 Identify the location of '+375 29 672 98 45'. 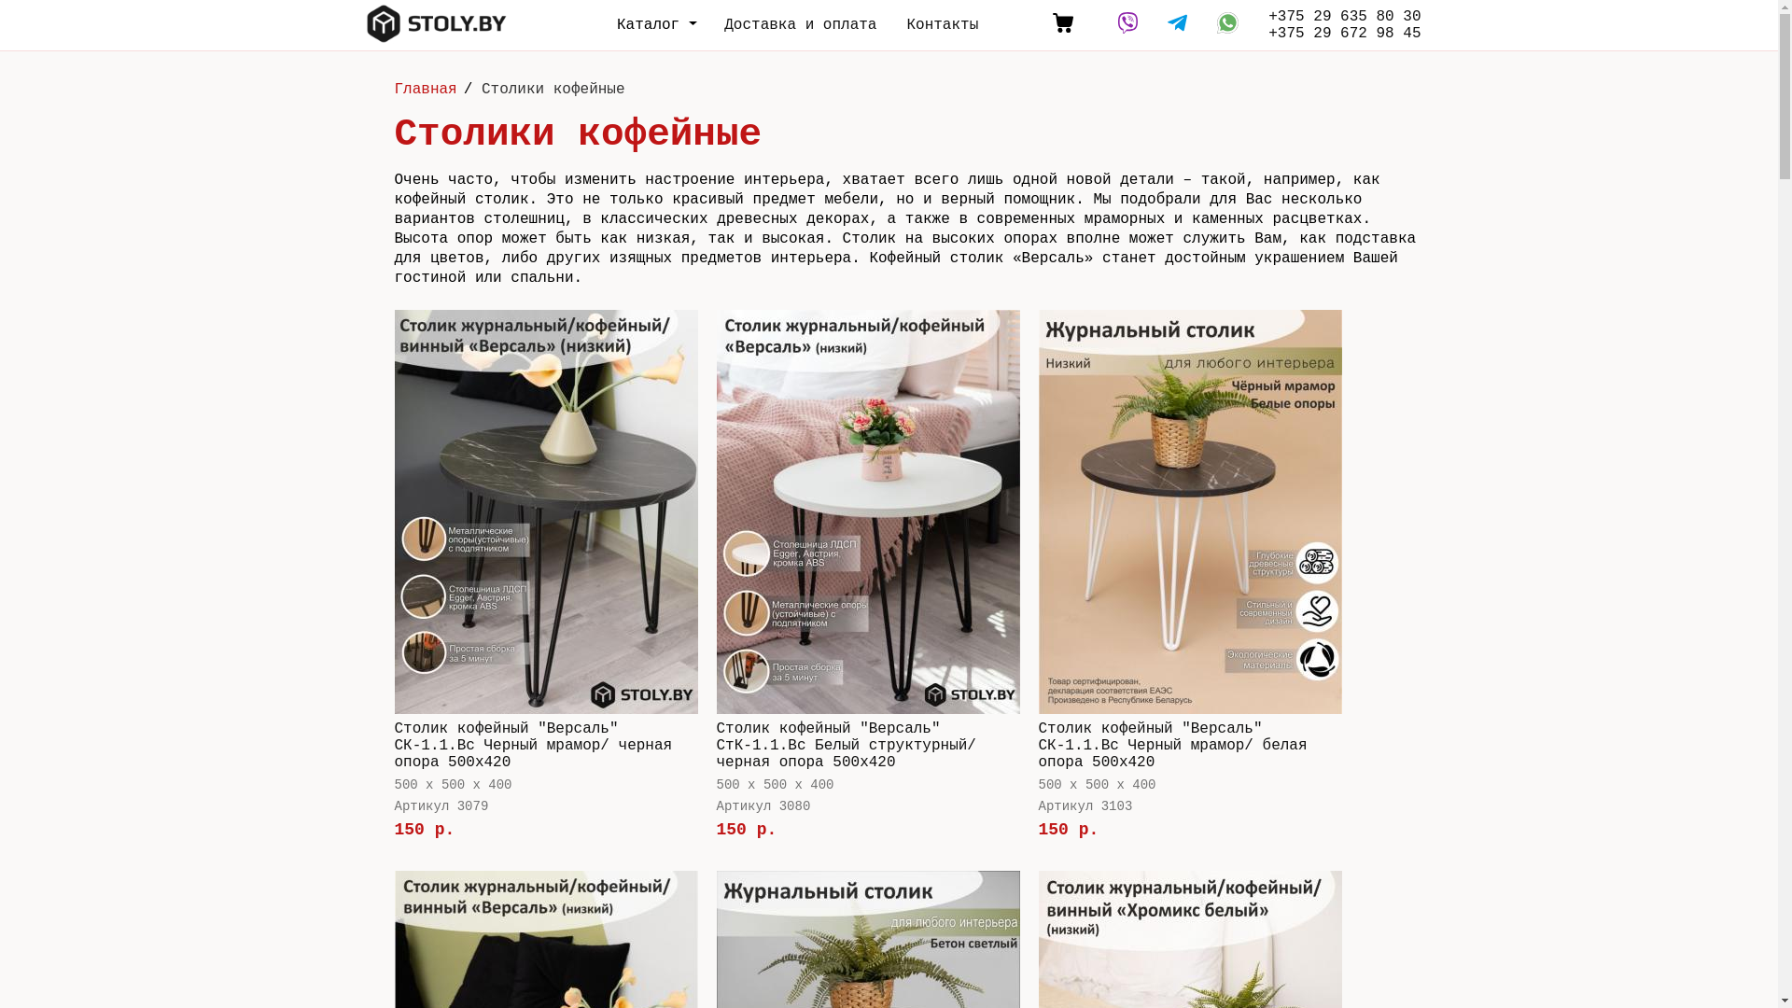
(1344, 33).